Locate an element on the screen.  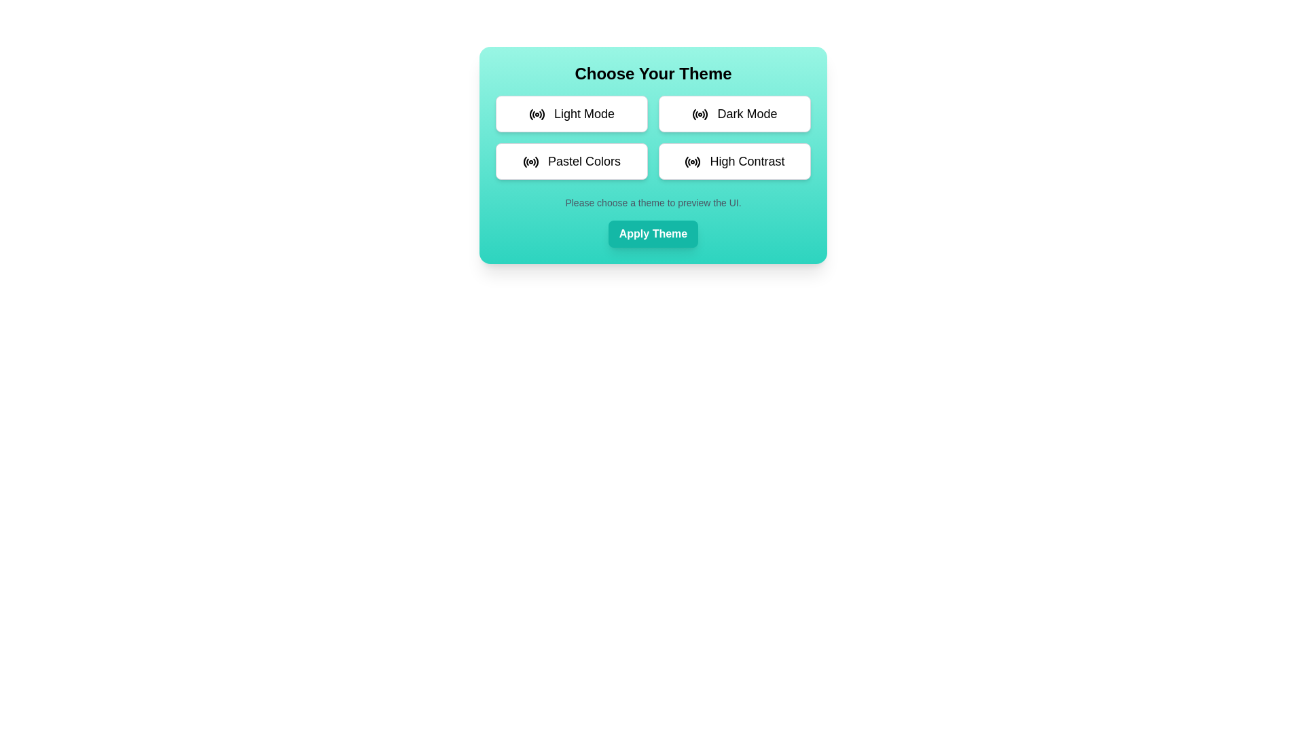
the visual indication of the 'High Contrast' theme selection option icon located to the left of the 'High Contrast' text label in the bottom-right of the theme selection options is located at coordinates (693, 162).